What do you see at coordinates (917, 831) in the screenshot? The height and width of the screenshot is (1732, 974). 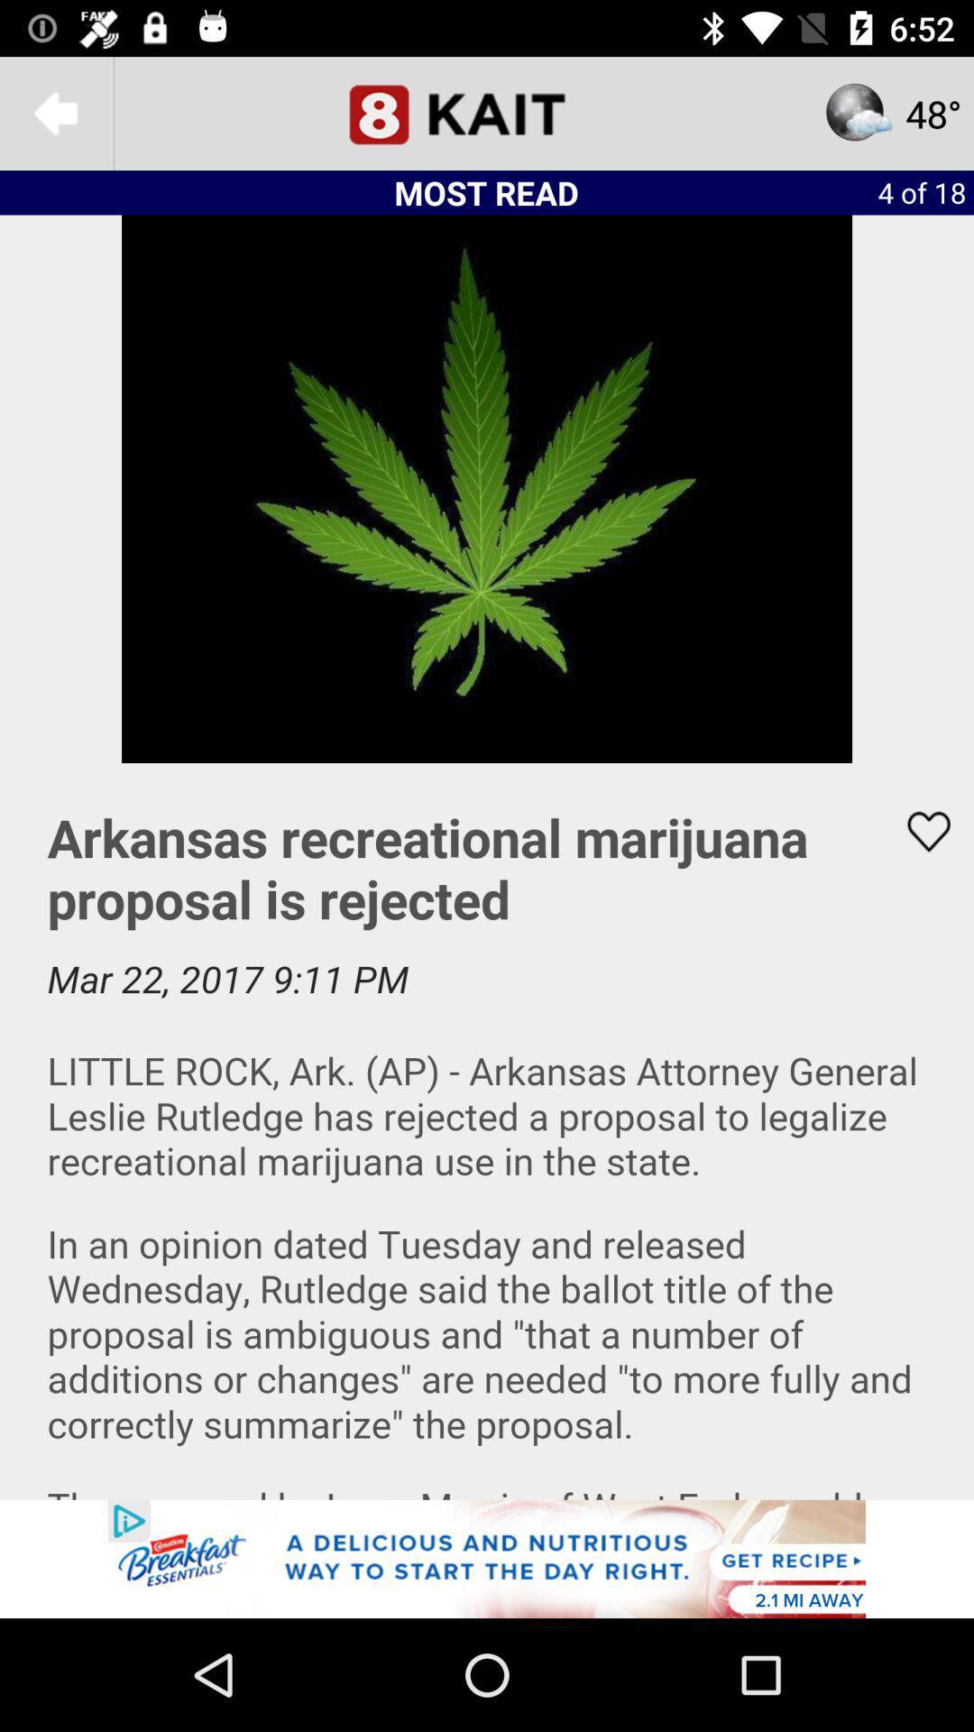 I see `the favorite icon` at bounding box center [917, 831].